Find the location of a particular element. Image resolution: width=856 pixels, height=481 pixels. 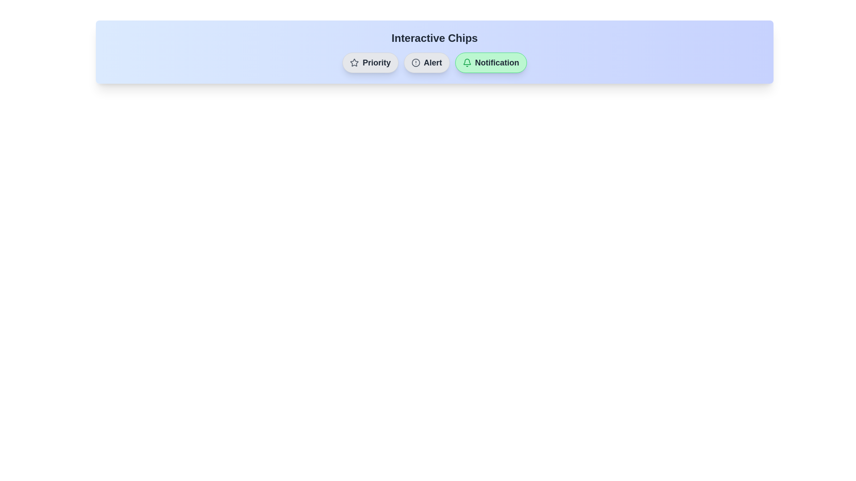

the chip labeled 'Notification' to view its hover effect is located at coordinates (490, 62).